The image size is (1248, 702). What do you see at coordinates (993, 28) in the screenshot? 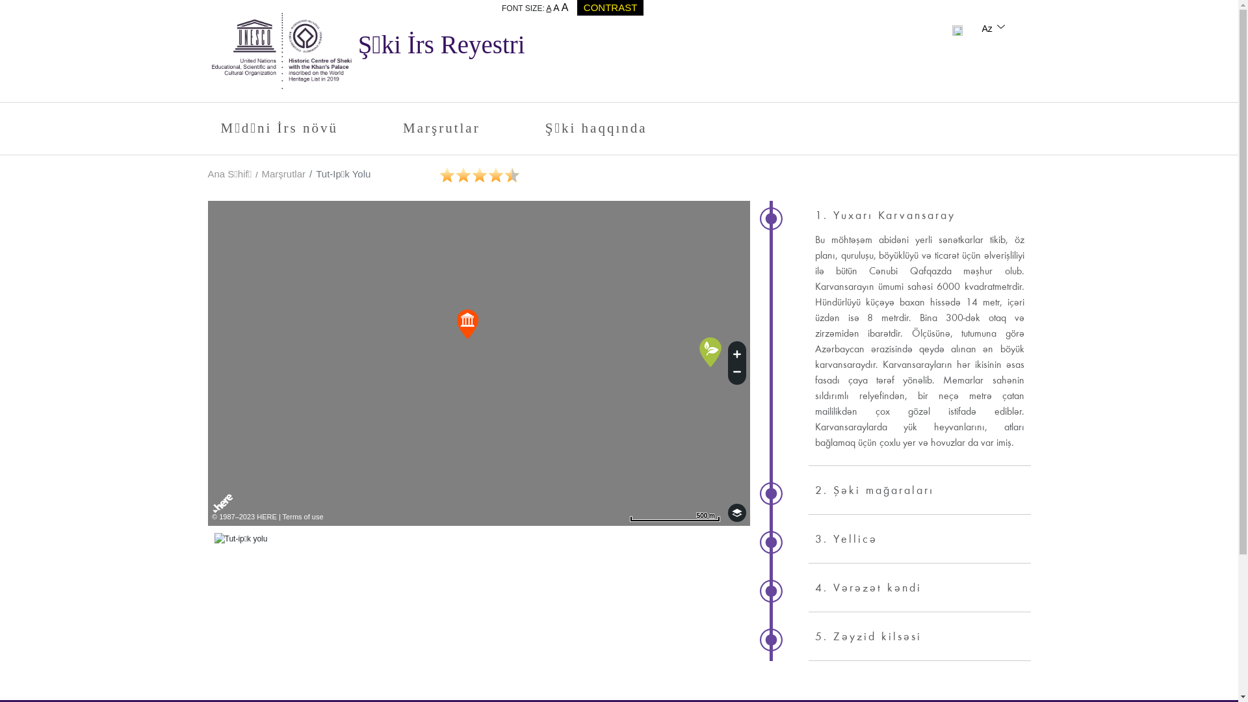
I see `'Az'` at bounding box center [993, 28].